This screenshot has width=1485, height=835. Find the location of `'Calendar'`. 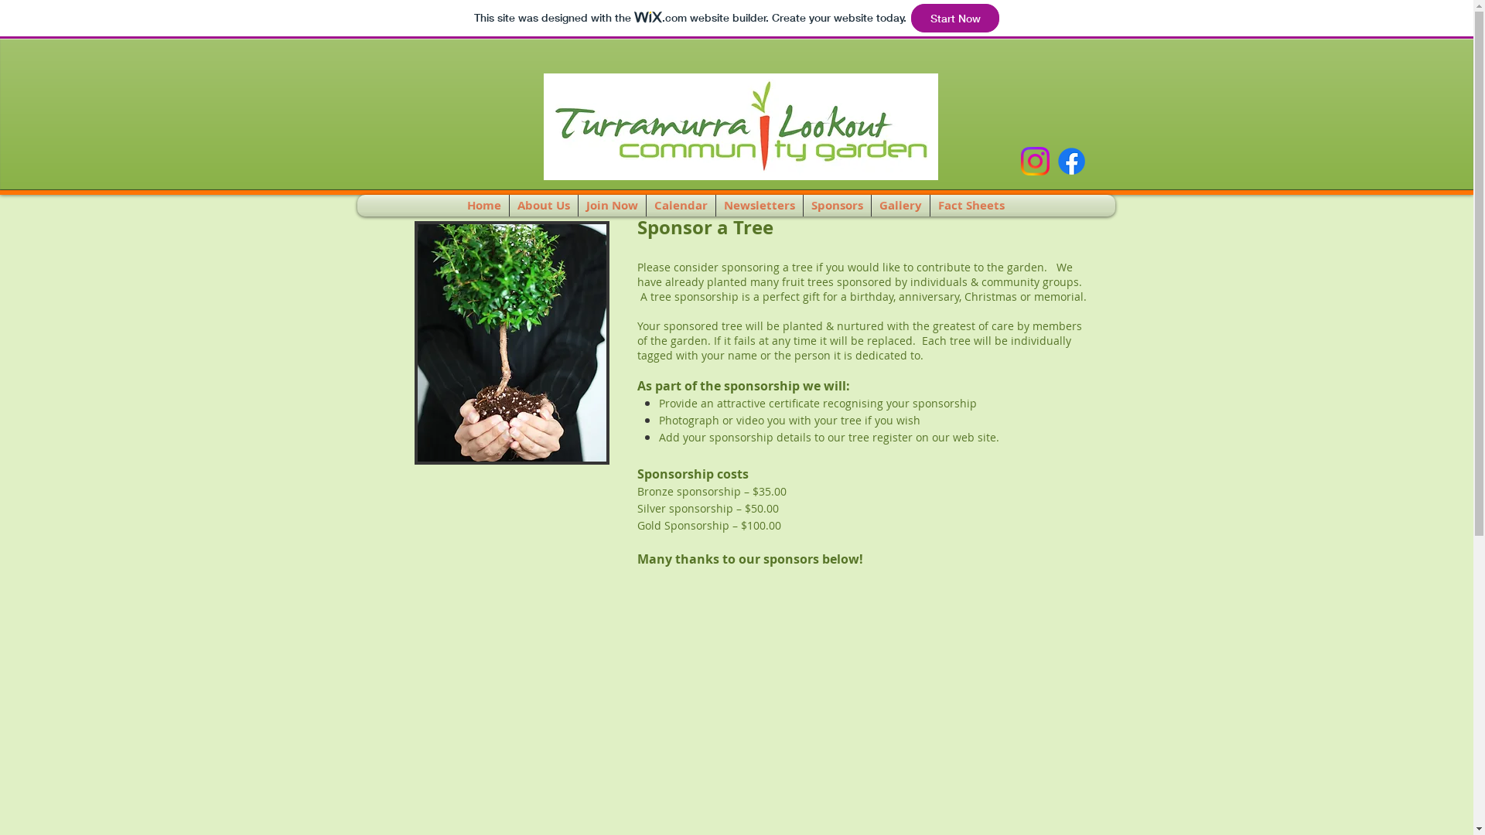

'Calendar' is located at coordinates (681, 205).